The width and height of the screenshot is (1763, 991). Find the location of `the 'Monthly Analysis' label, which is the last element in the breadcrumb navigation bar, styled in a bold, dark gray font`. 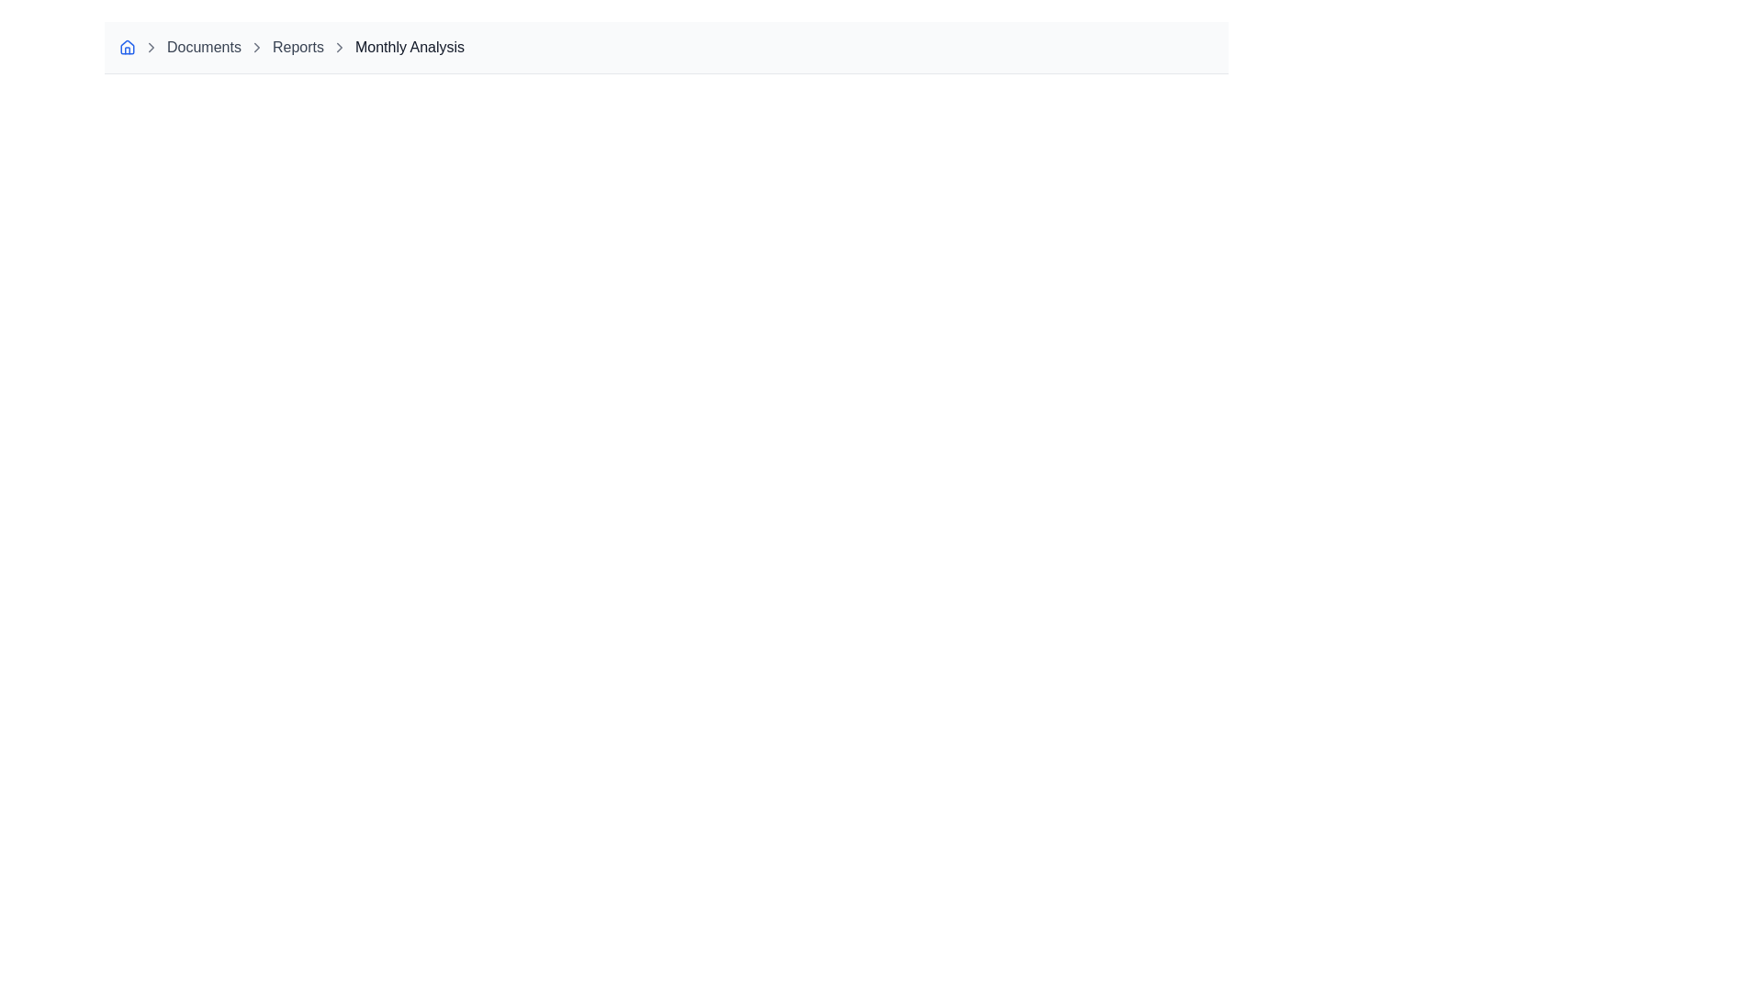

the 'Monthly Analysis' label, which is the last element in the breadcrumb navigation bar, styled in a bold, dark gray font is located at coordinates (409, 46).